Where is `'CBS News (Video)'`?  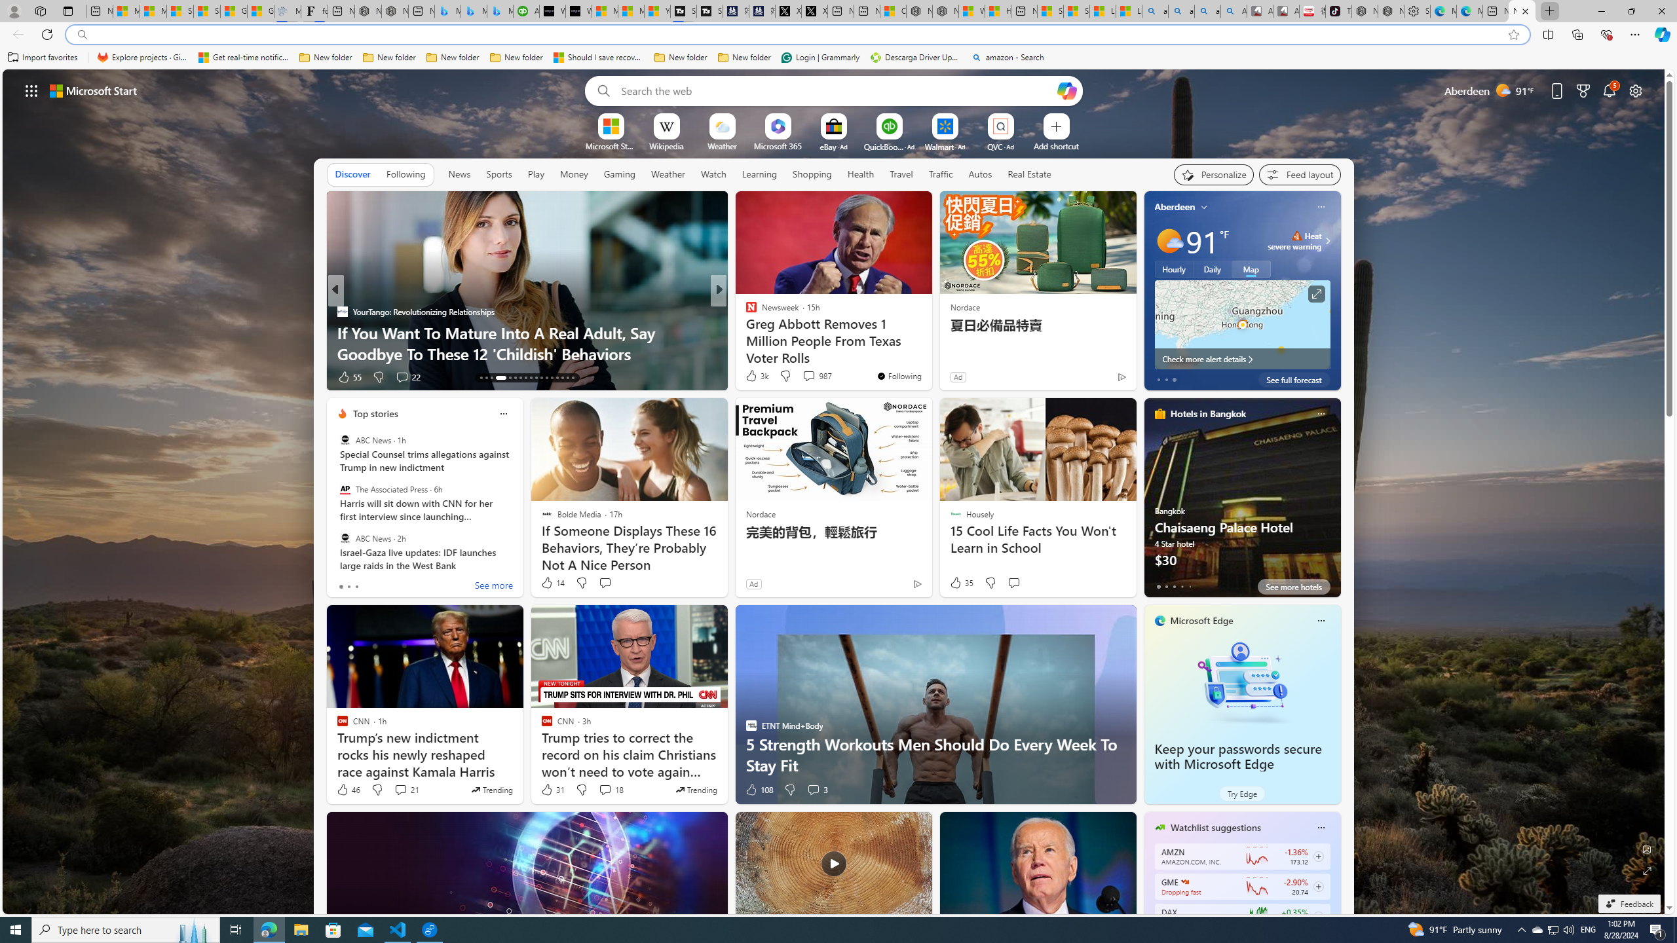 'CBS News (Video)' is located at coordinates (745, 310).